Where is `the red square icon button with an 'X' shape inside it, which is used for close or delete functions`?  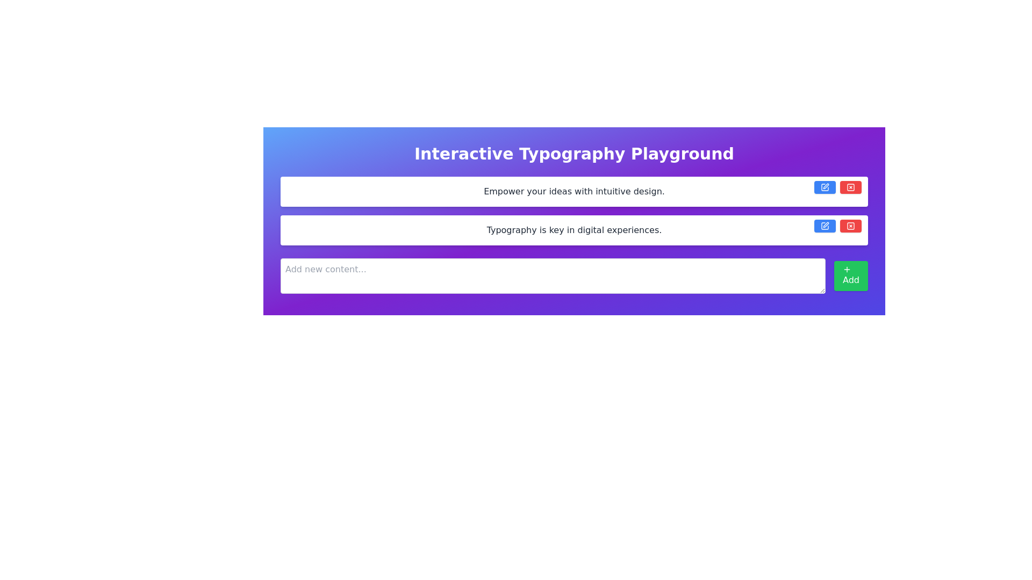 the red square icon button with an 'X' shape inside it, which is used for close or delete functions is located at coordinates (850, 225).